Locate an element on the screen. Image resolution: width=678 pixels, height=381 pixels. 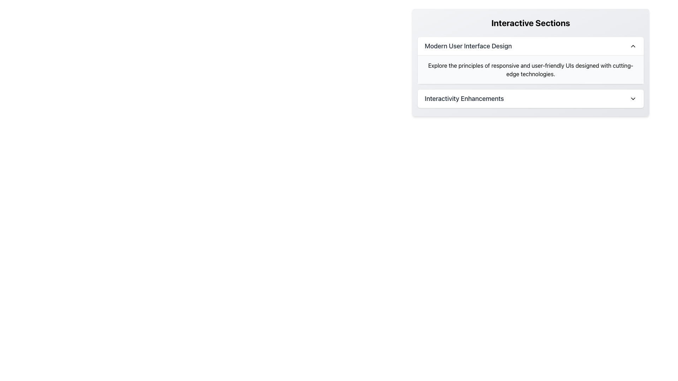
text element that displays 'Interactivity Enhancements', which is styled in bold, large dark gray font and is located prominently in the upper section of the interface is located at coordinates (464, 99).